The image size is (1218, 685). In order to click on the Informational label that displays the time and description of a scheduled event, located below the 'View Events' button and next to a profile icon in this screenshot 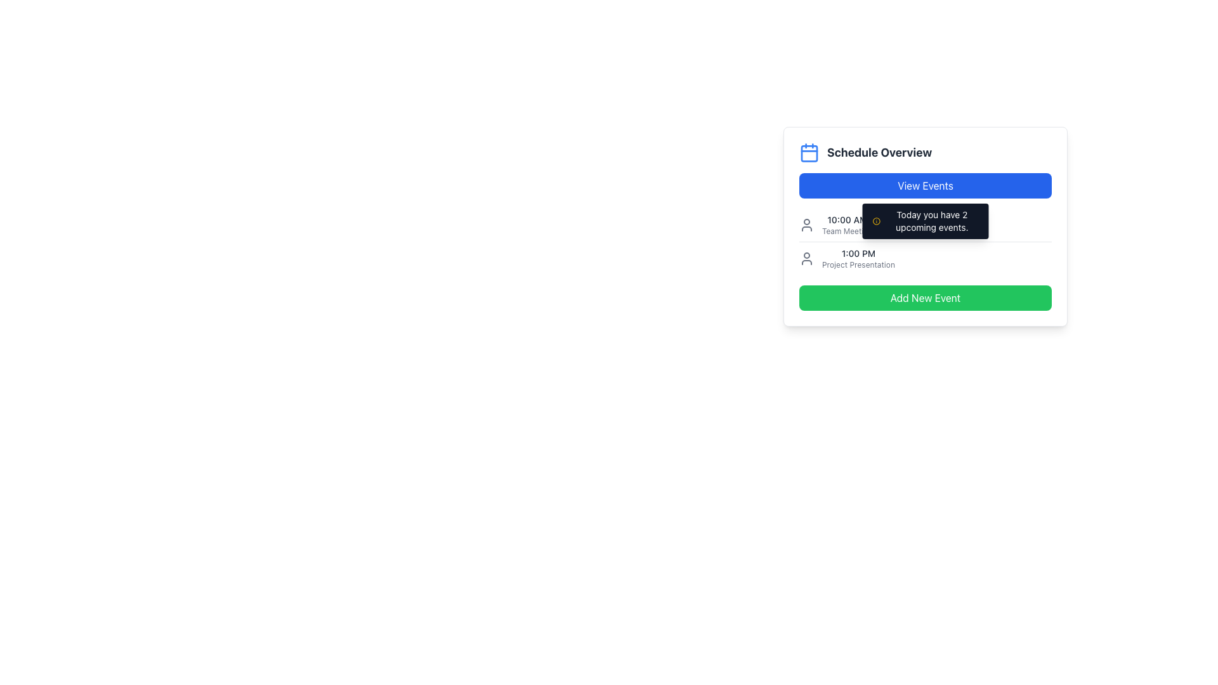, I will do `click(847, 224)`.